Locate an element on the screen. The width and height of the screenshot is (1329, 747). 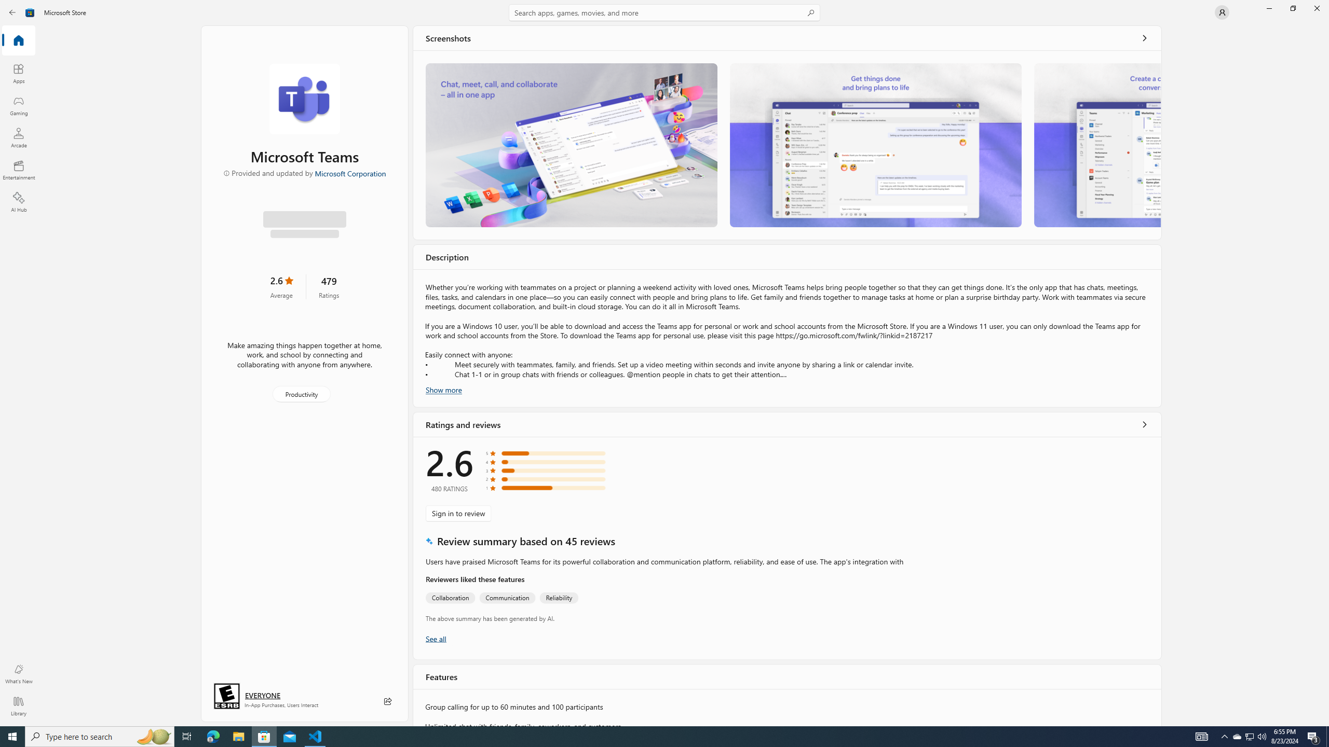
'Class: Image' is located at coordinates (30, 11).